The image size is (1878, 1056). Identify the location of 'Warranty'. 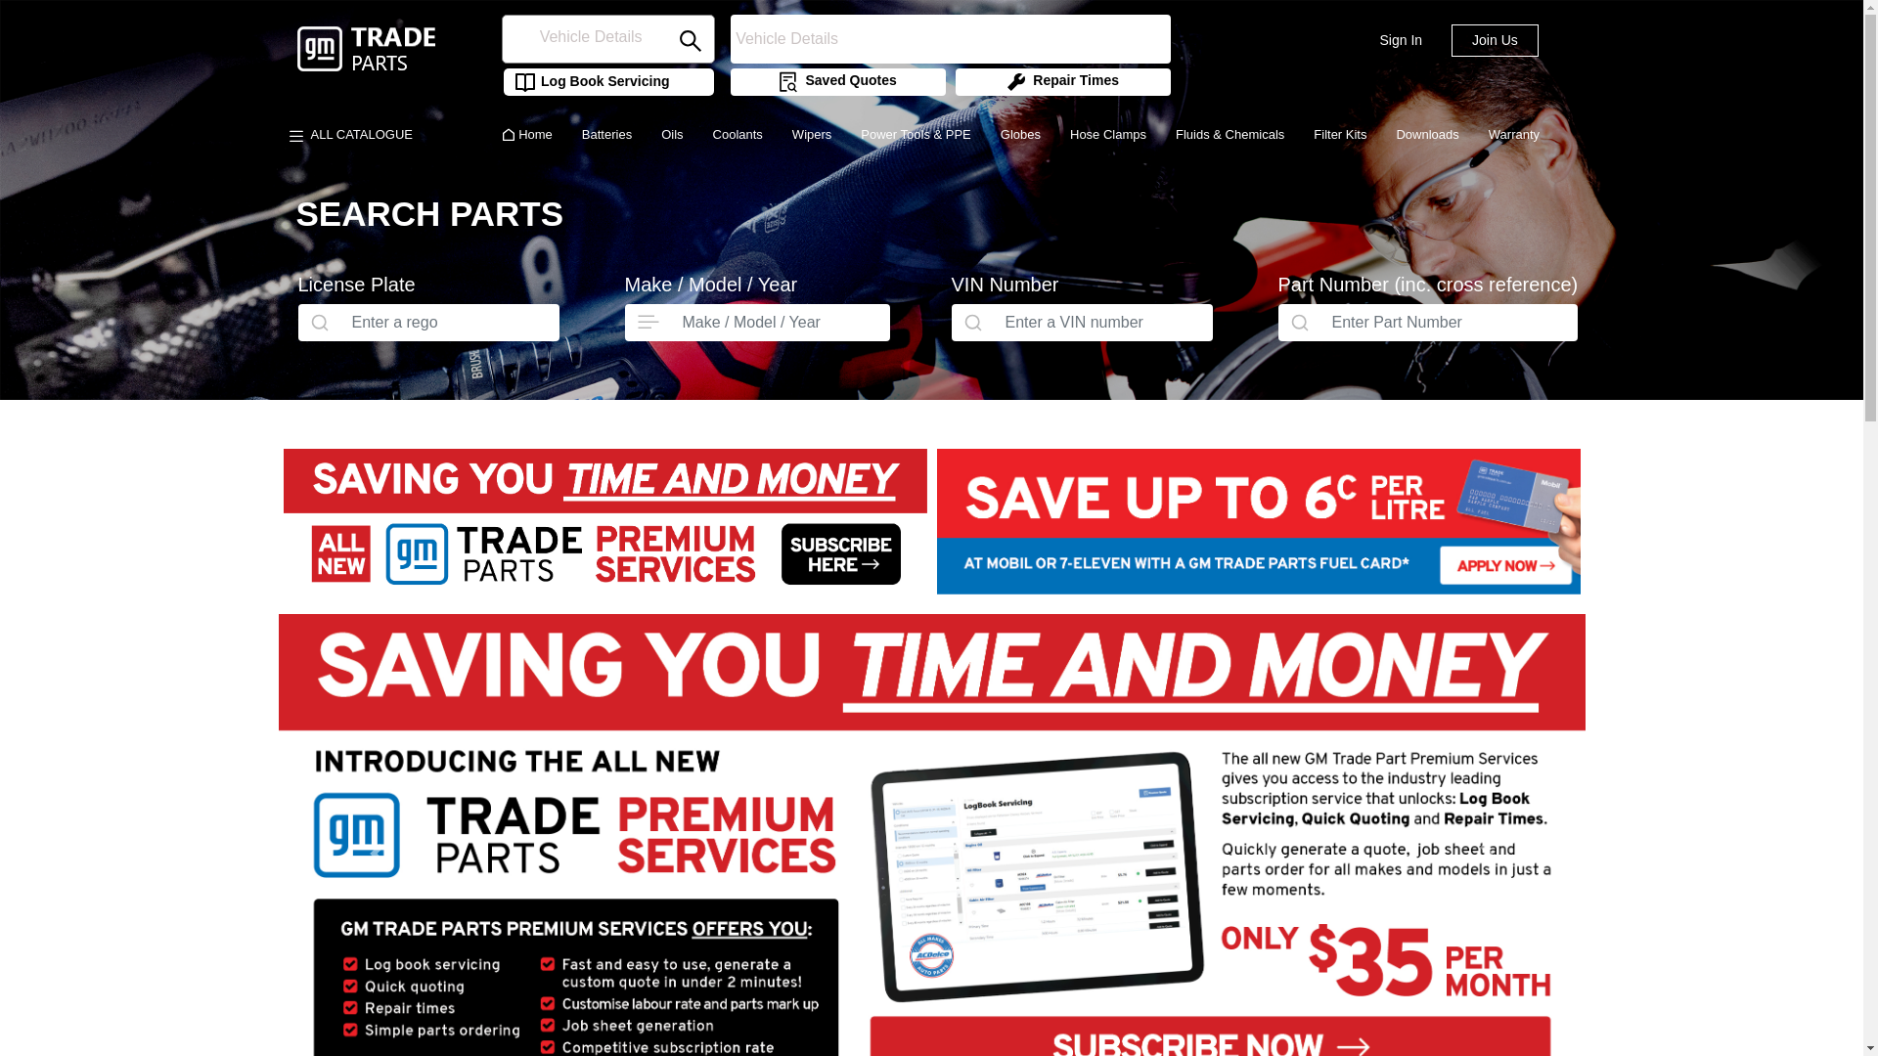
(1513, 134).